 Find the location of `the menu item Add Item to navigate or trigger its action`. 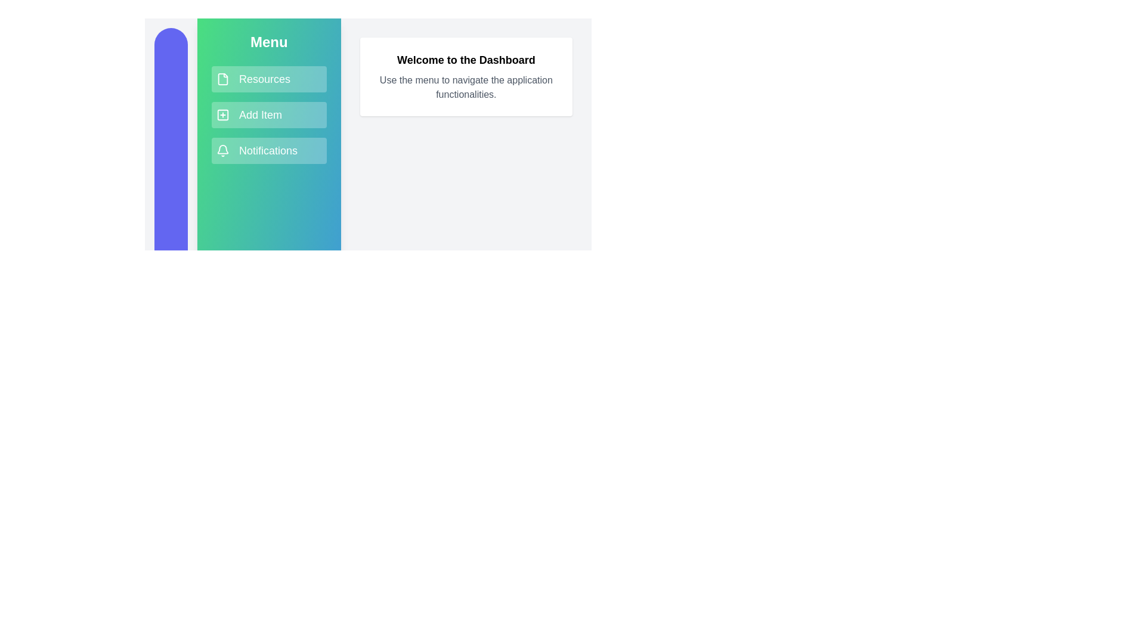

the menu item Add Item to navigate or trigger its action is located at coordinates (268, 114).